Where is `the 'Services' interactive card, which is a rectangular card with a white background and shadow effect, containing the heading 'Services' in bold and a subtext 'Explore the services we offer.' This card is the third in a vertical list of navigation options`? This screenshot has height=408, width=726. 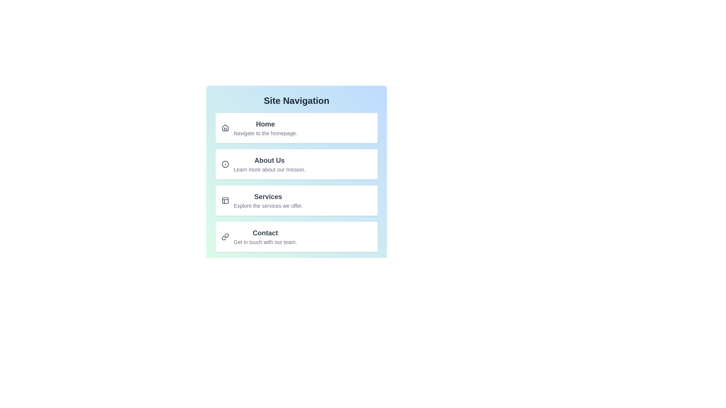
the 'Services' interactive card, which is a rectangular card with a white background and shadow effect, containing the heading 'Services' in bold and a subtext 'Explore the services we offer.' This card is the third in a vertical list of navigation options is located at coordinates (296, 200).